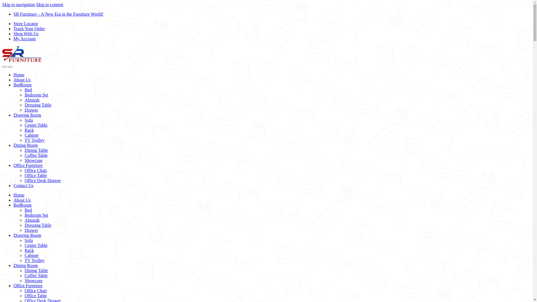 The height and width of the screenshot is (302, 537). I want to click on 'Rack', so click(29, 250).